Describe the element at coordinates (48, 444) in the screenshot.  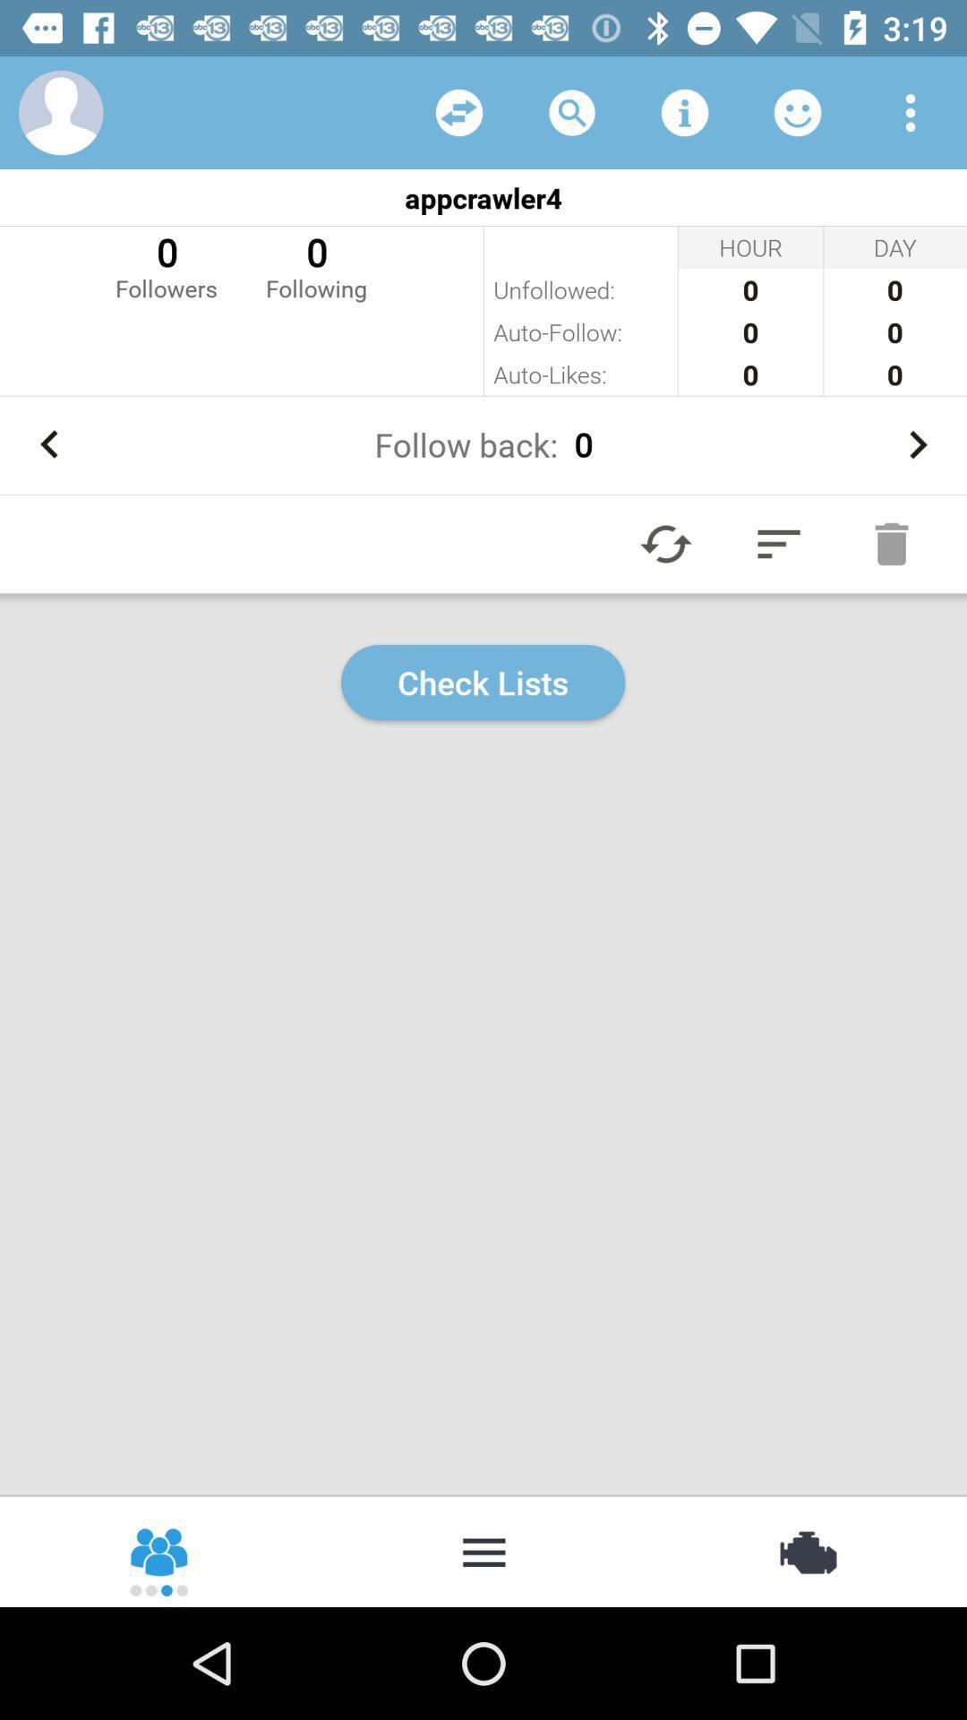
I see `icon to the left of follow back:  0 icon` at that location.